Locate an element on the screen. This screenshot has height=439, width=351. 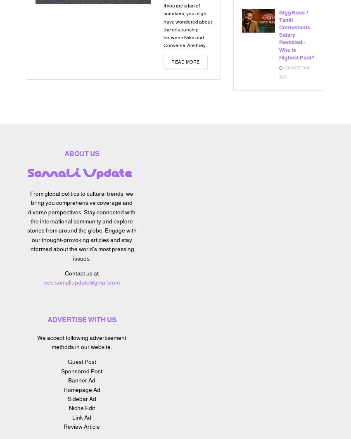
'October 20, 2023' is located at coordinates (279, 72).